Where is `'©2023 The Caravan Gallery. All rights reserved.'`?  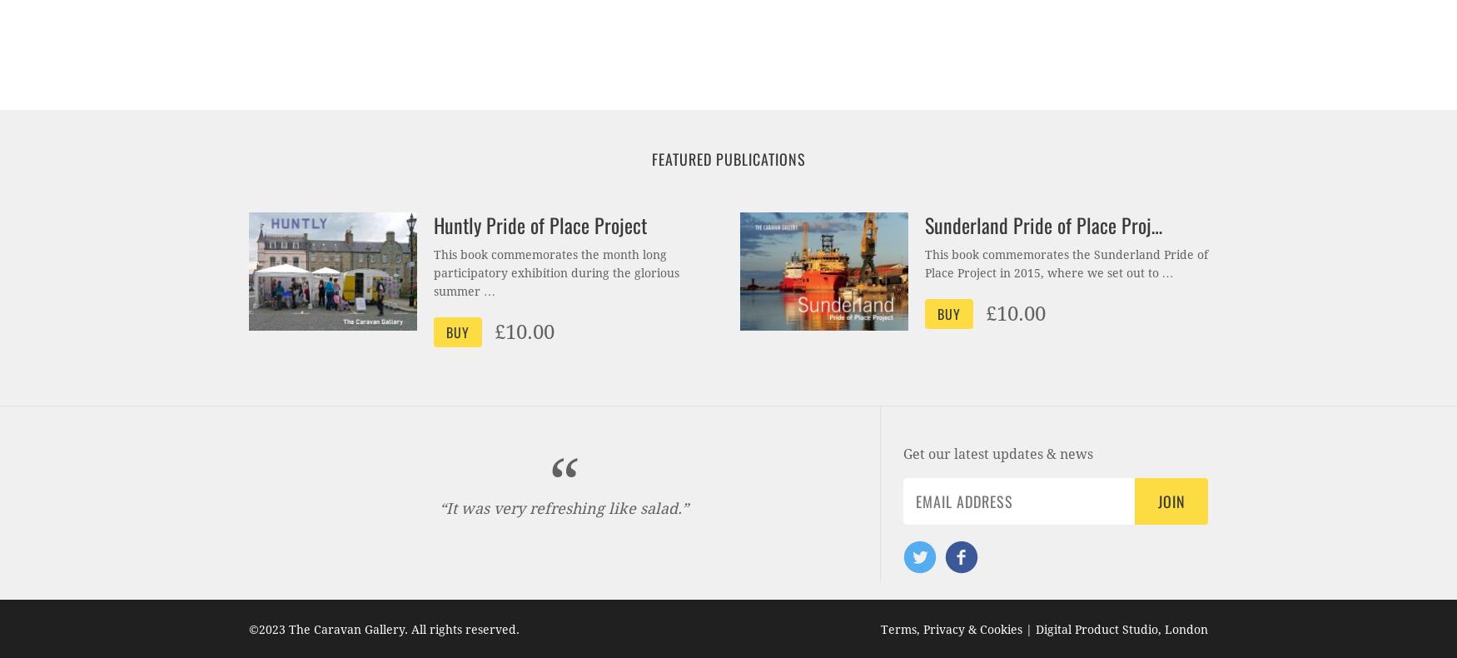
'©2023 The Caravan Gallery. All rights reserved.' is located at coordinates (384, 630).